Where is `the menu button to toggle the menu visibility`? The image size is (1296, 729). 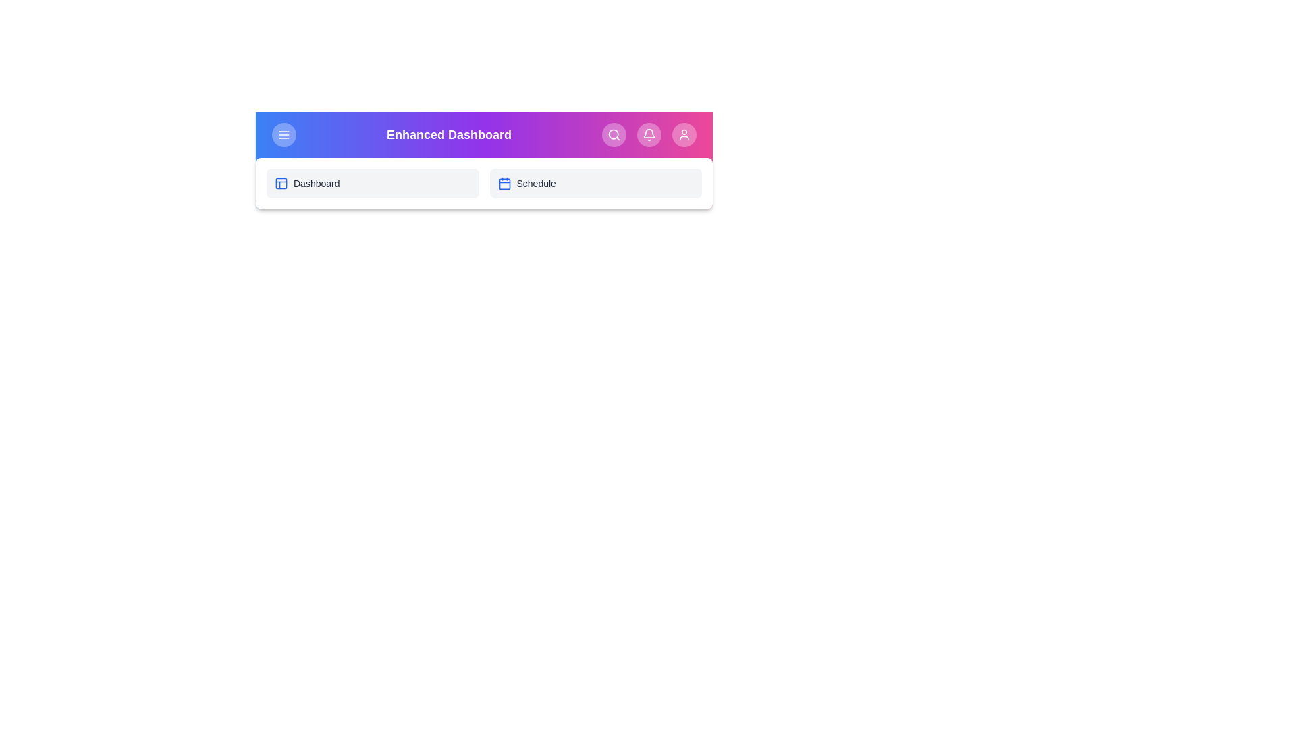
the menu button to toggle the menu visibility is located at coordinates (283, 135).